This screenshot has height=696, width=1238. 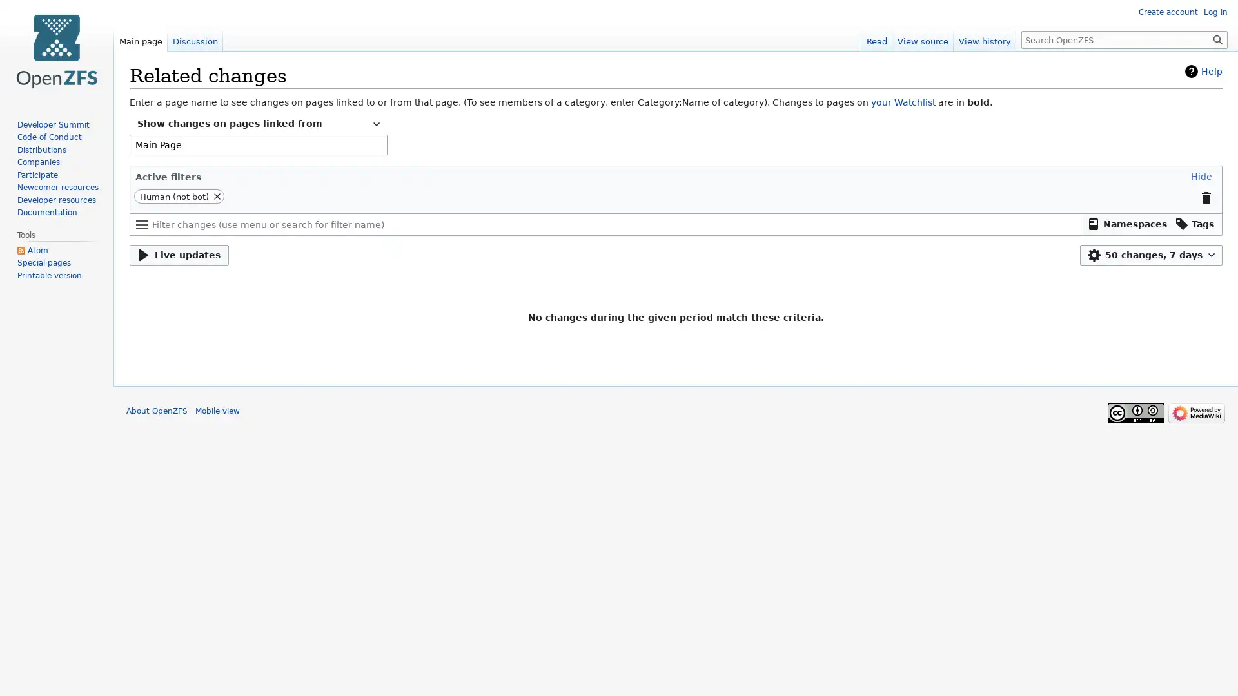 What do you see at coordinates (1194, 223) in the screenshot?
I see `Filter results using edit tags` at bounding box center [1194, 223].